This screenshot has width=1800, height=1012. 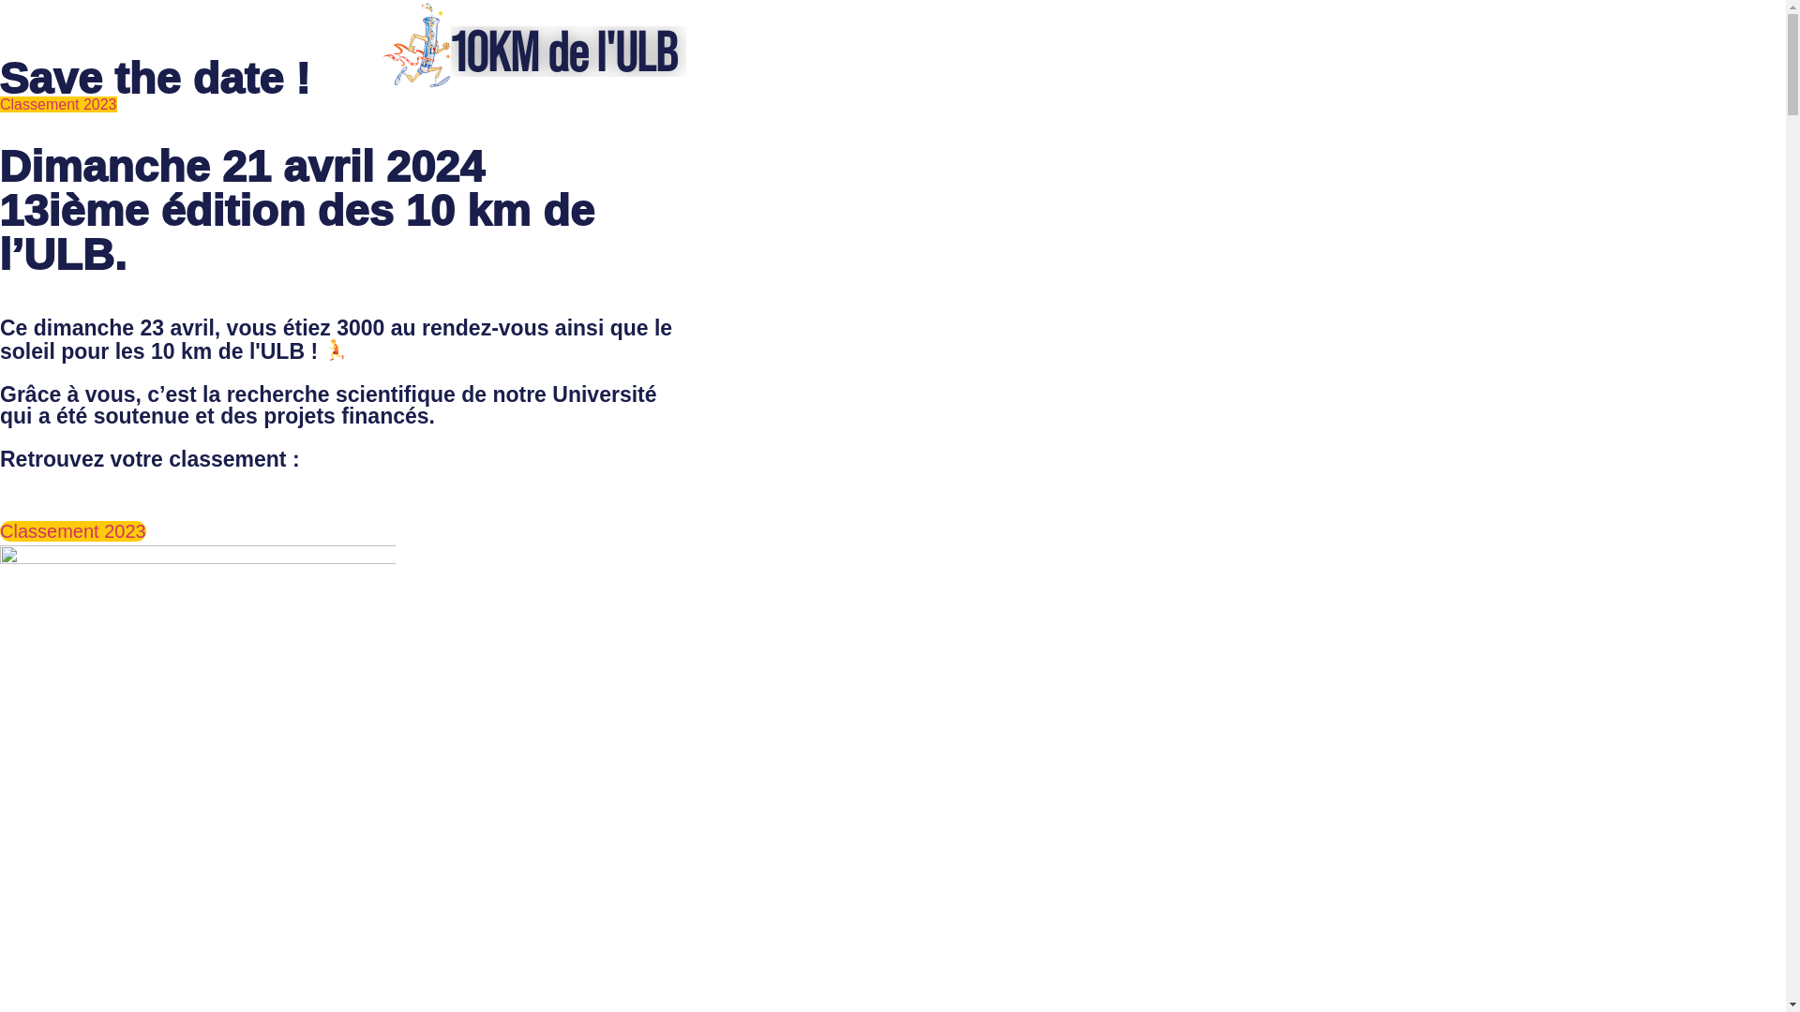 What do you see at coordinates (58, 104) in the screenshot?
I see `'Classement 2023'` at bounding box center [58, 104].